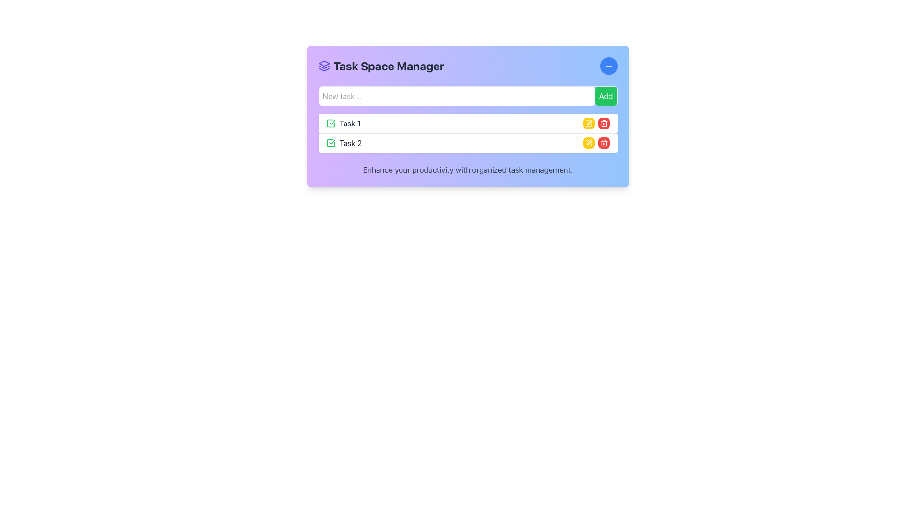  What do you see at coordinates (331, 123) in the screenshot?
I see `the Checkbox icon with a green checkmark` at bounding box center [331, 123].